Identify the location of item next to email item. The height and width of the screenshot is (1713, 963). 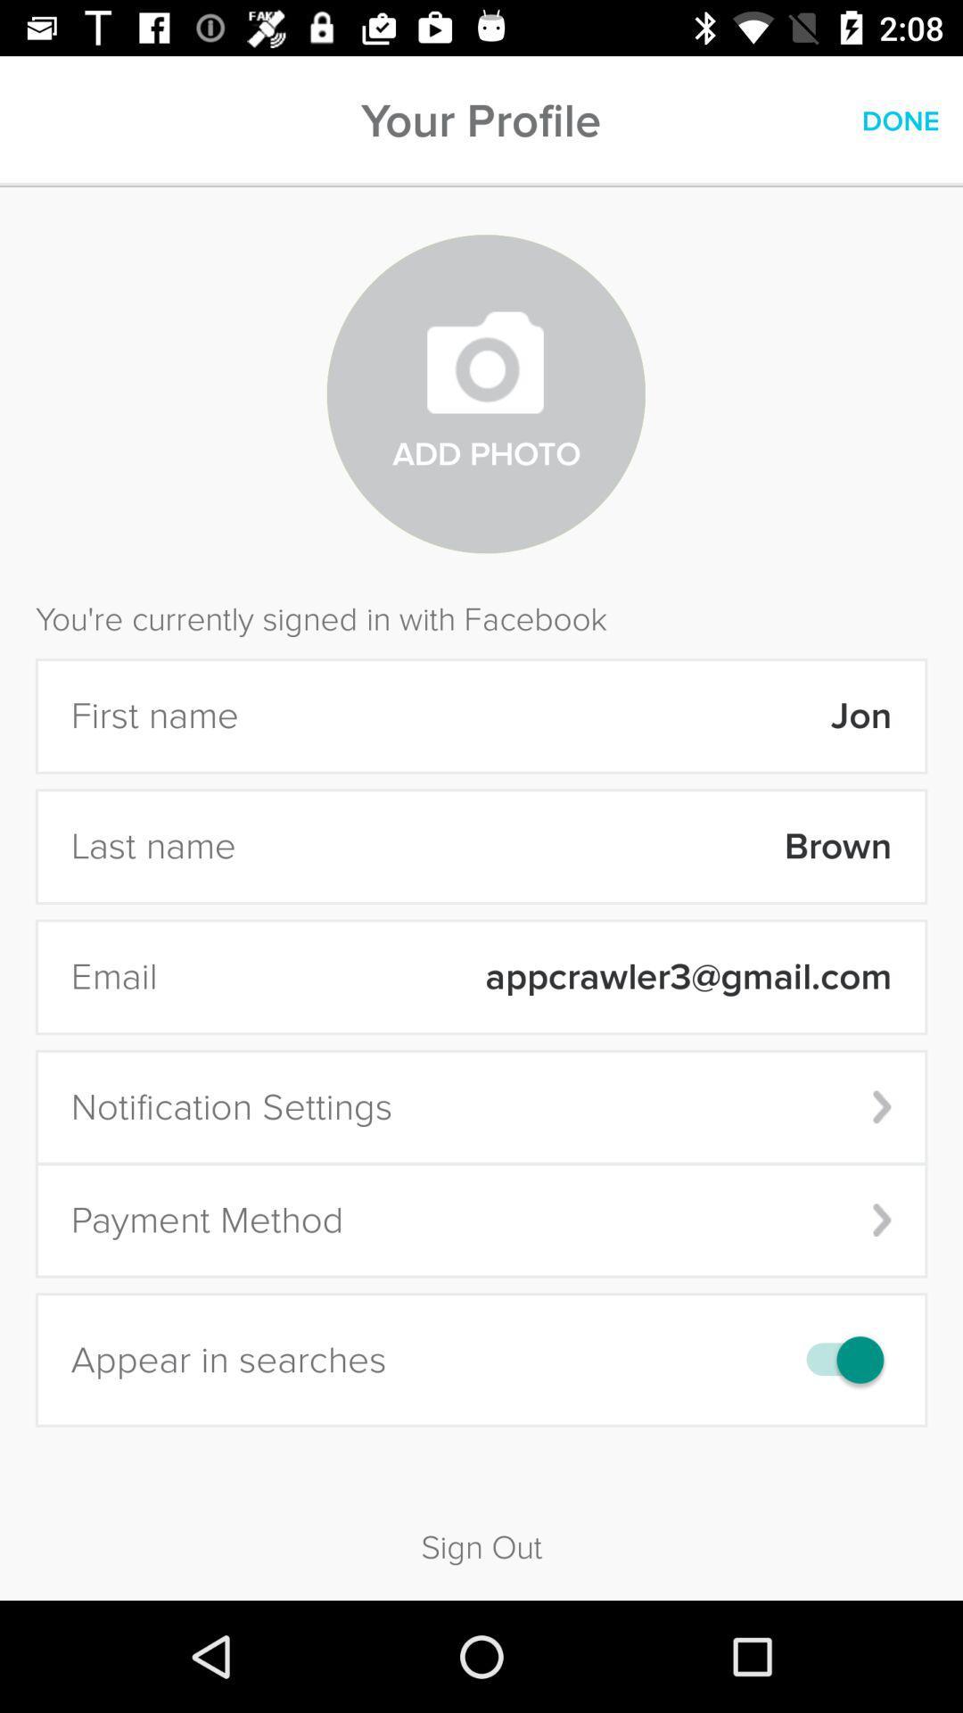
(535, 976).